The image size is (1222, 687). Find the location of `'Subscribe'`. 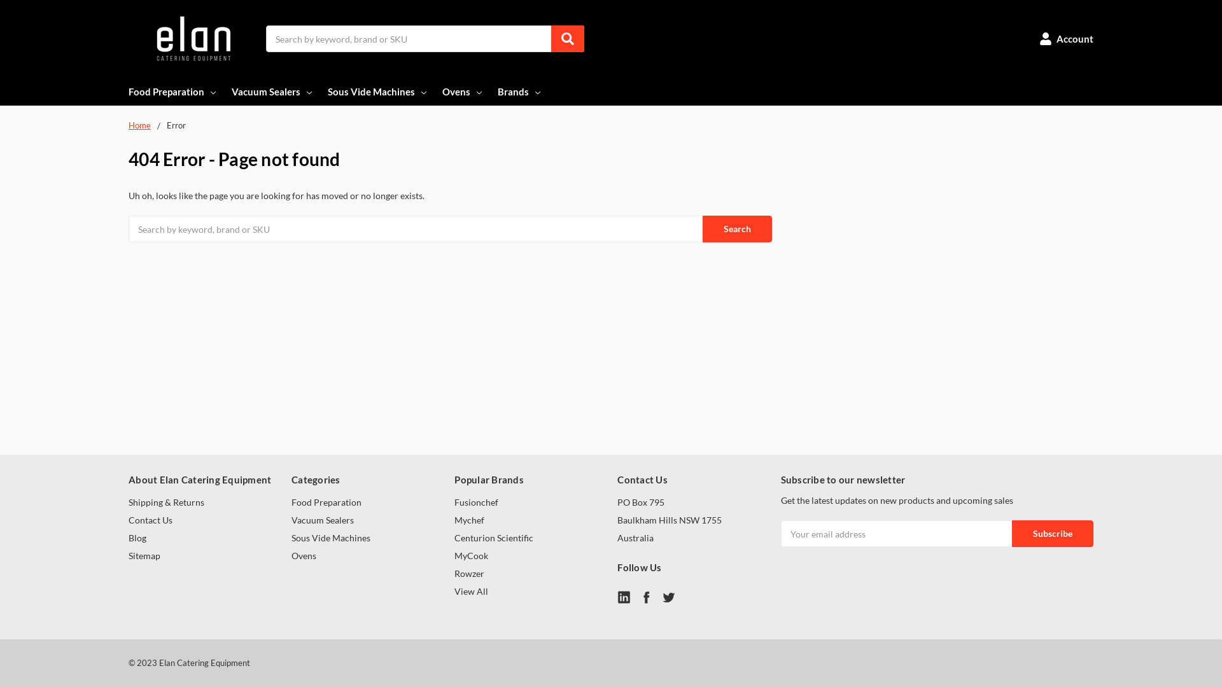

'Subscribe' is located at coordinates (1053, 534).